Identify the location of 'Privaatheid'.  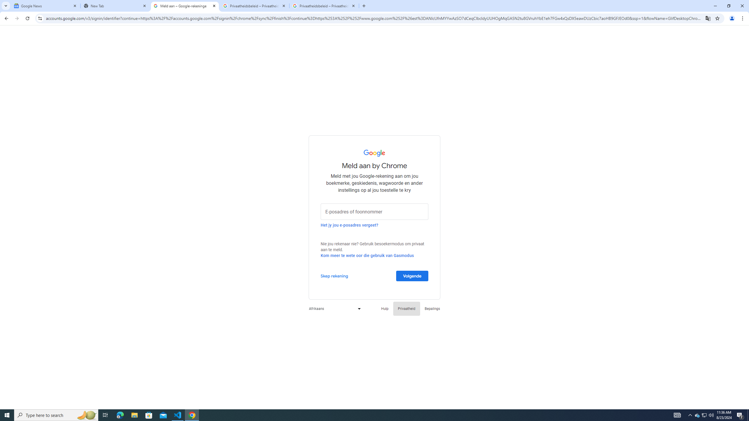
(407, 308).